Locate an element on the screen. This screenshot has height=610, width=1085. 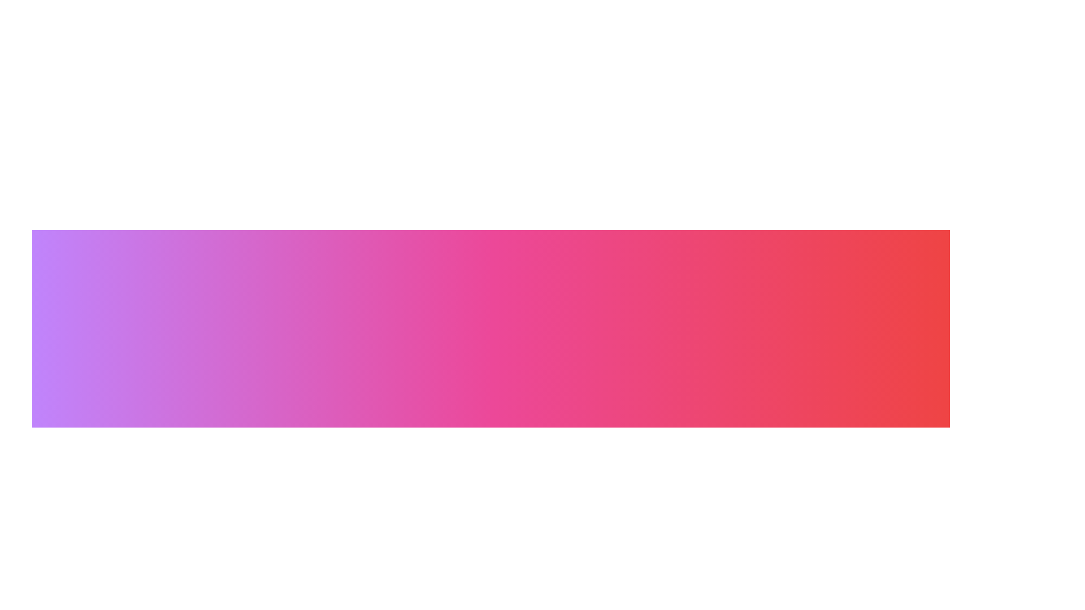
the SVG icon representing a clipboard with a checkmark, which is positioned to the left of the text 'New updates available' is located at coordinates (390, 565).